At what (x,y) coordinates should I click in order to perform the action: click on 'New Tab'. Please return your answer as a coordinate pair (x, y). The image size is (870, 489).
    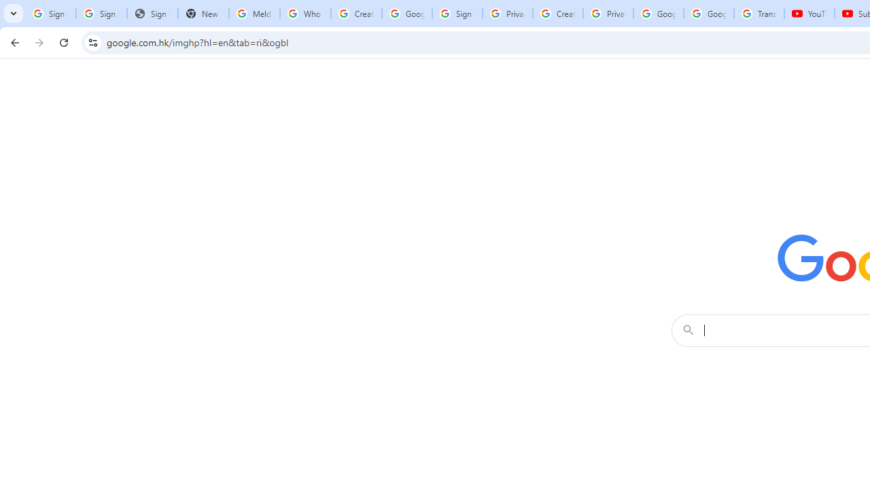
    Looking at the image, I should click on (203, 14).